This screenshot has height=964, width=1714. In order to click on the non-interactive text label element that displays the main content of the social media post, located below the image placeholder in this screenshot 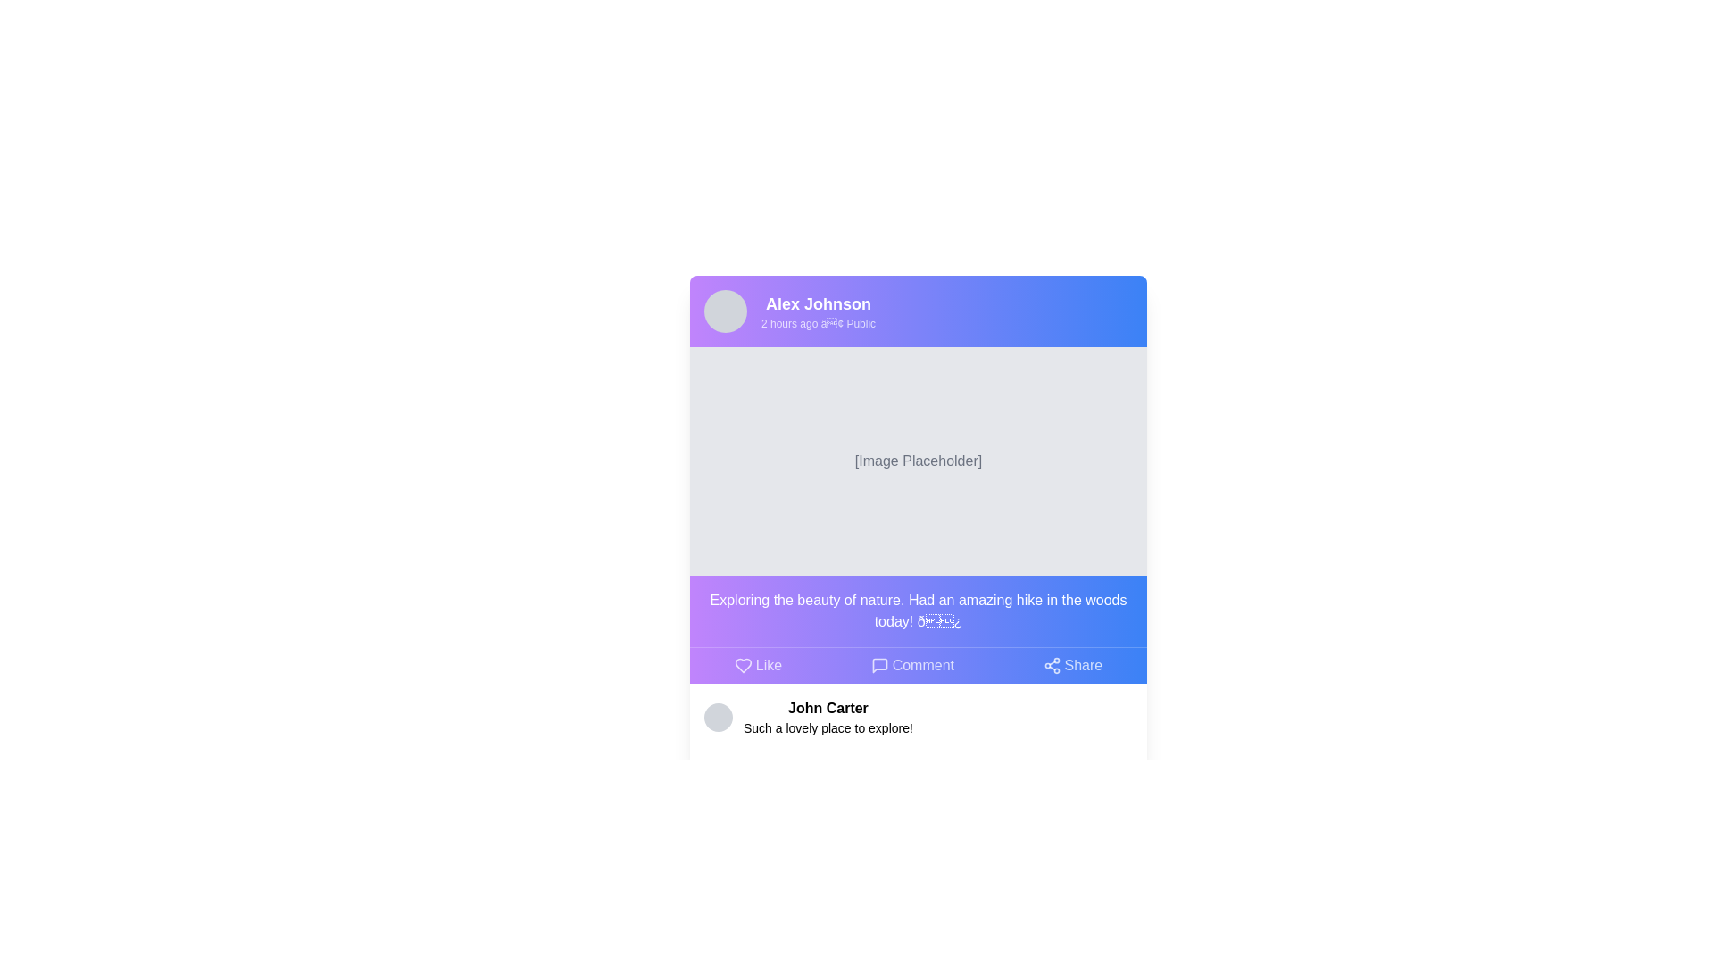, I will do `click(918, 611)`.